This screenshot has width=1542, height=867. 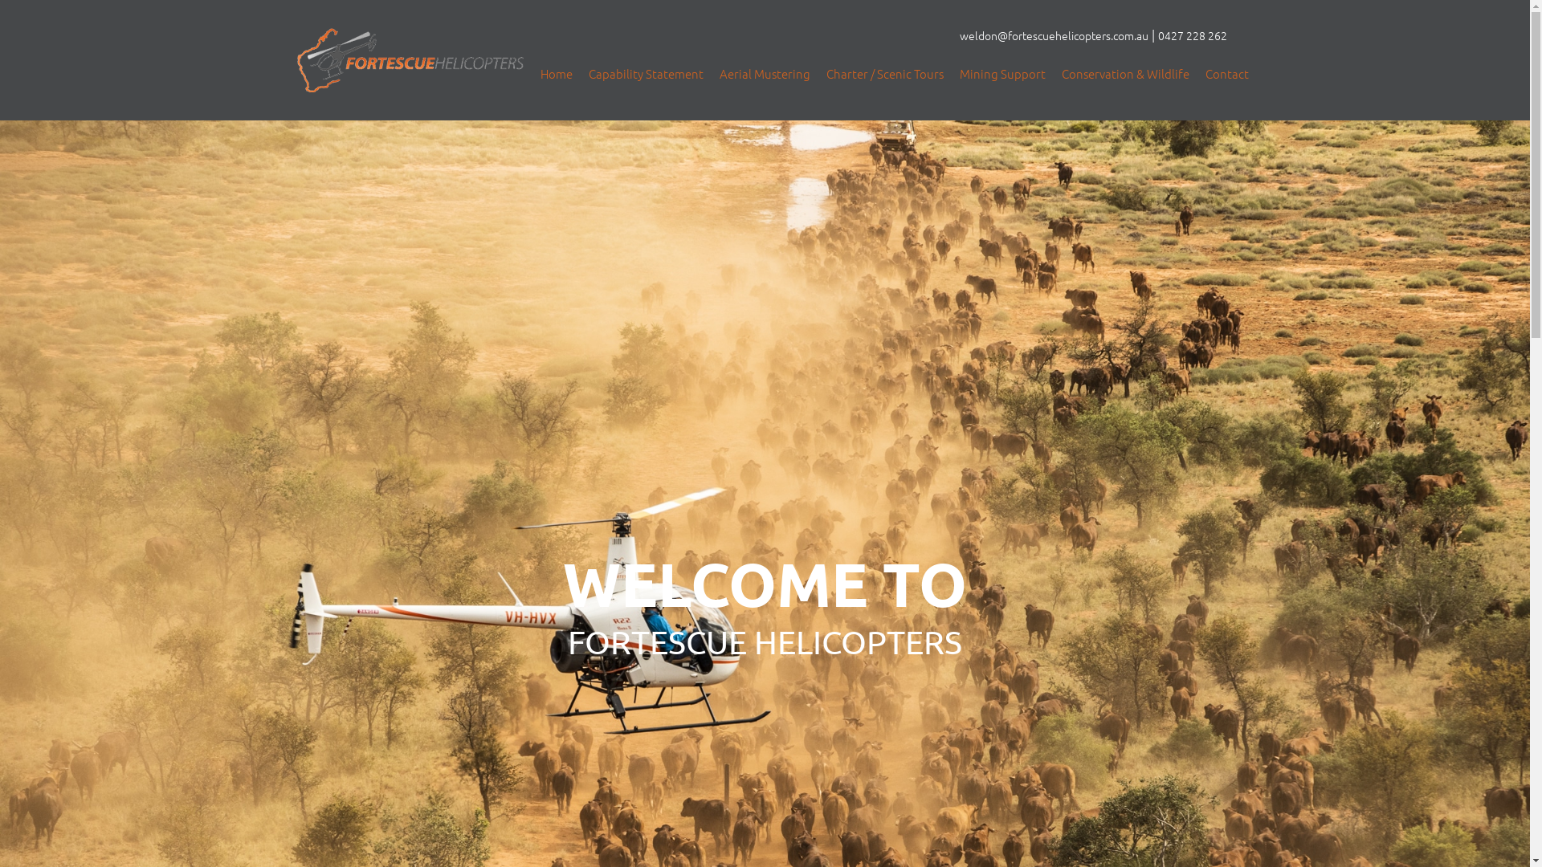 I want to click on 'Mining Support', so click(x=1001, y=74).